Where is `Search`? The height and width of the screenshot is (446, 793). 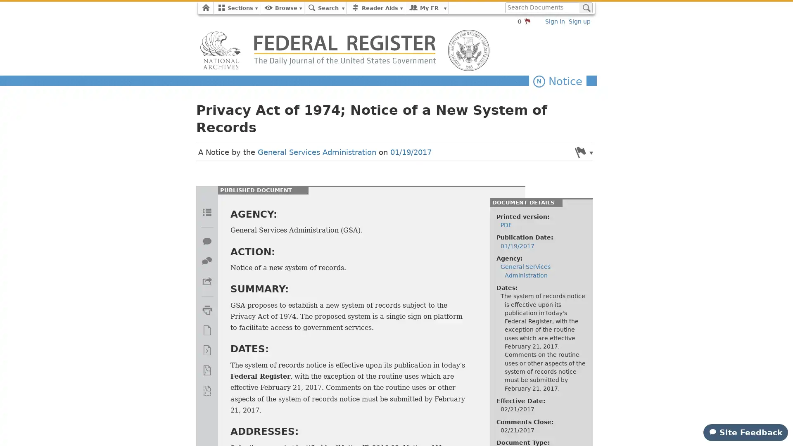
Search is located at coordinates (585, 8).